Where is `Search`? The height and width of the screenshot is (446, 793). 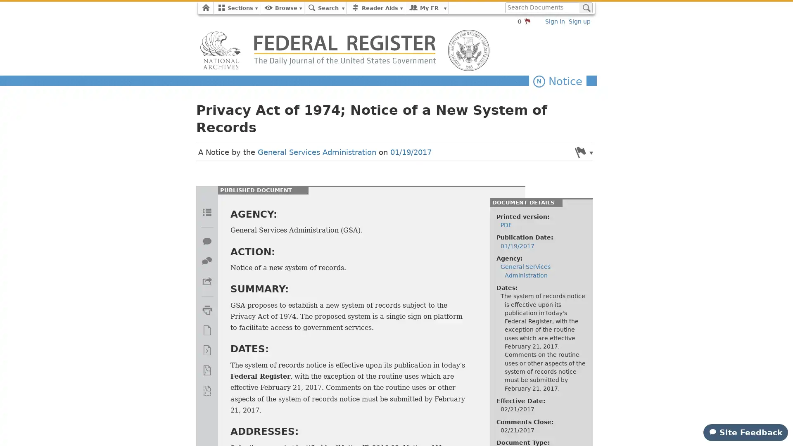
Search is located at coordinates (585, 8).